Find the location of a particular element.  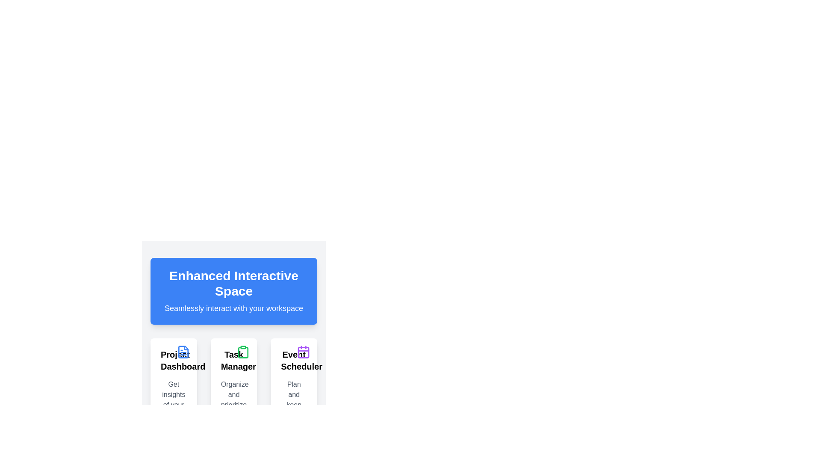

the clipboard icon is located at coordinates (243, 352).